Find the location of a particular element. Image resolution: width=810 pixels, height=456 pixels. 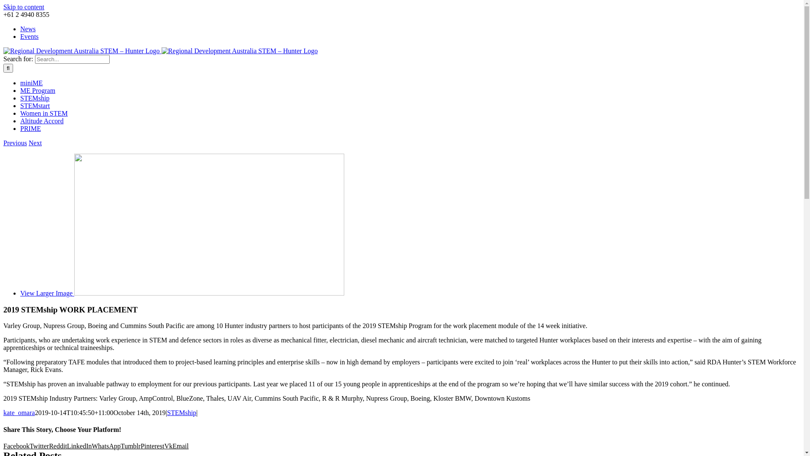

'WhatsApp' is located at coordinates (106, 445).